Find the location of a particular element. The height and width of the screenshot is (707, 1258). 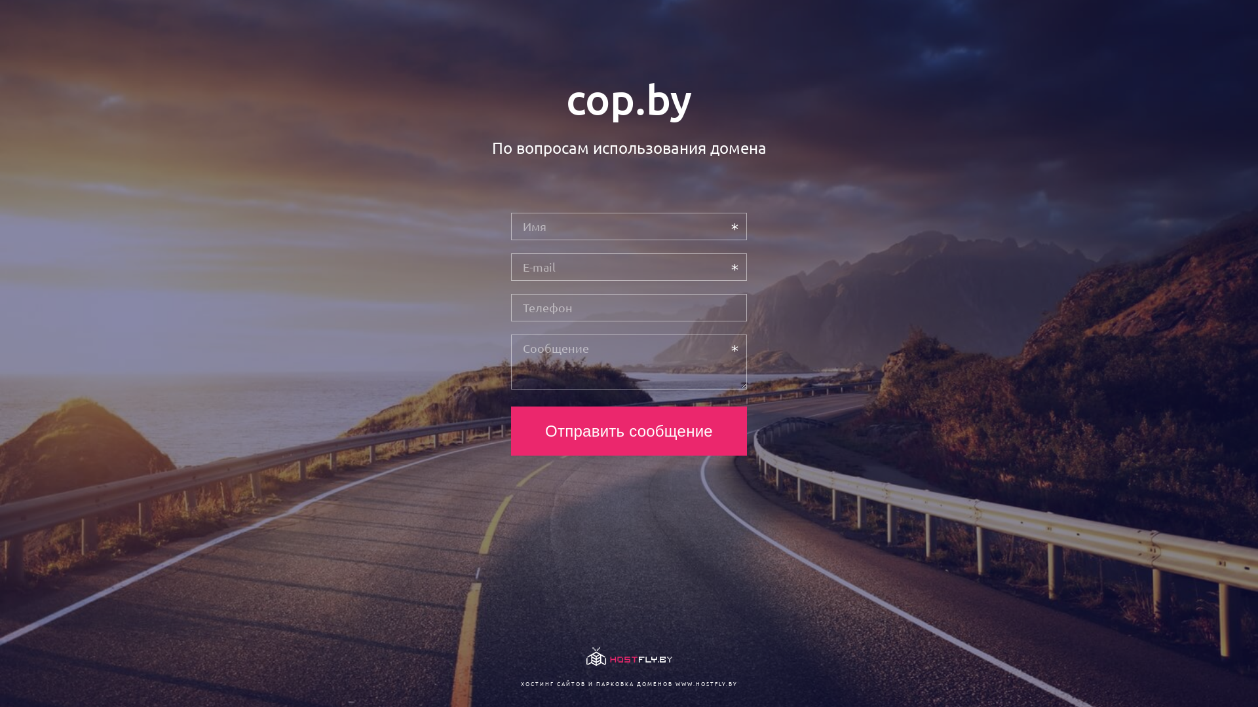

'WWW.HOSTFLY.BY' is located at coordinates (705, 683).